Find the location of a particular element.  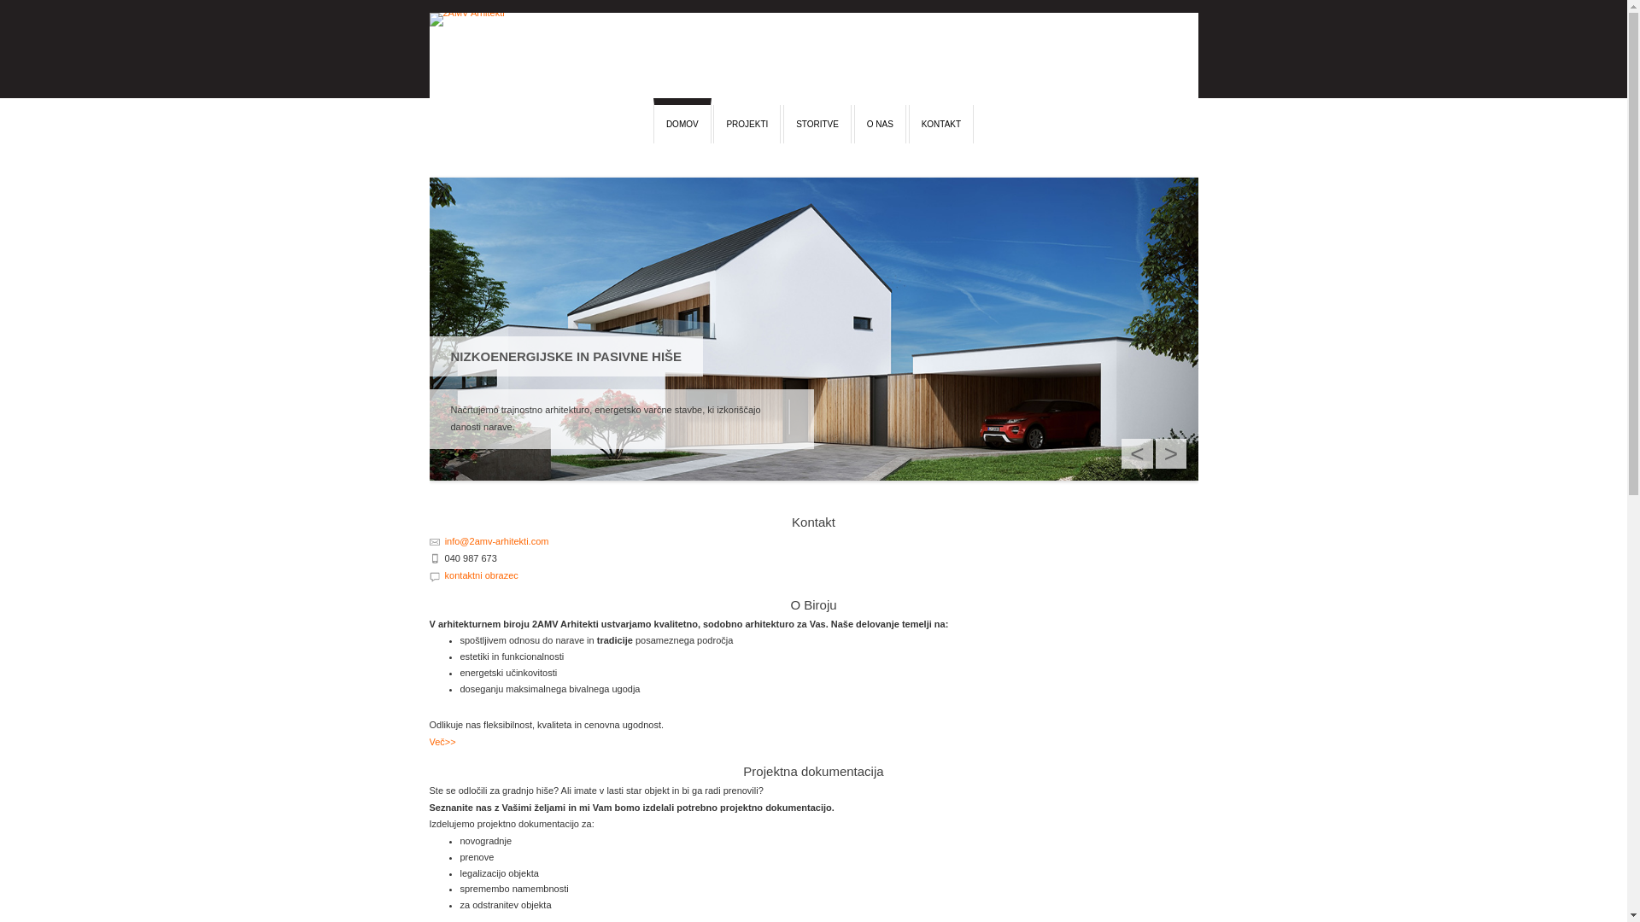

'kontaktni obrazec' is located at coordinates (434, 575).